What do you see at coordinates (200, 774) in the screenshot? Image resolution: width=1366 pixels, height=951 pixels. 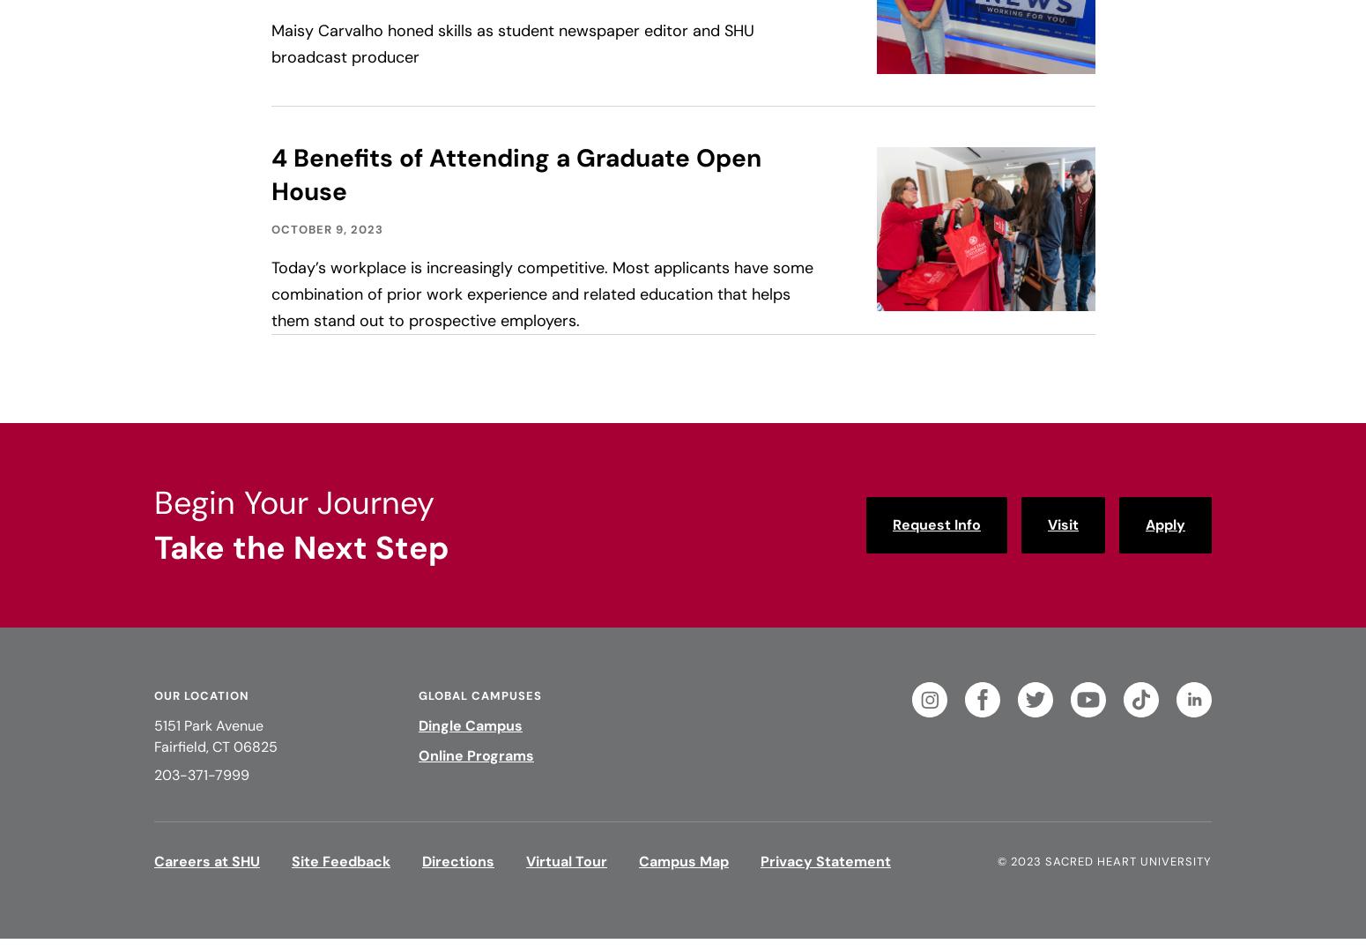 I see `'203-371-7999'` at bounding box center [200, 774].